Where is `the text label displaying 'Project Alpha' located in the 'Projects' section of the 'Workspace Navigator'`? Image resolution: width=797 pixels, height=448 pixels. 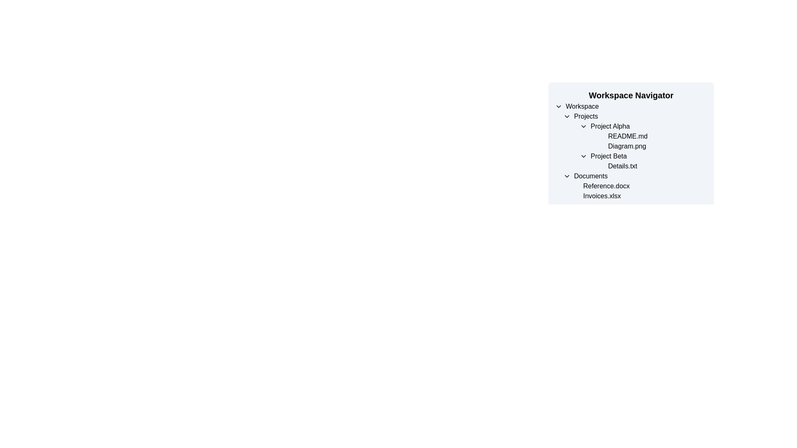 the text label displaying 'Project Alpha' located in the 'Projects' section of the 'Workspace Navigator' is located at coordinates (610, 126).